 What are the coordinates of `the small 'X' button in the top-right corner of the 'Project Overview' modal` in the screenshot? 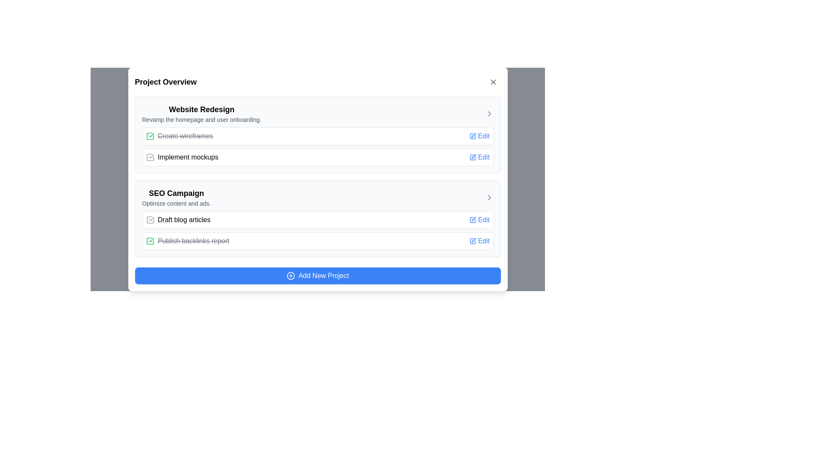 It's located at (493, 82).